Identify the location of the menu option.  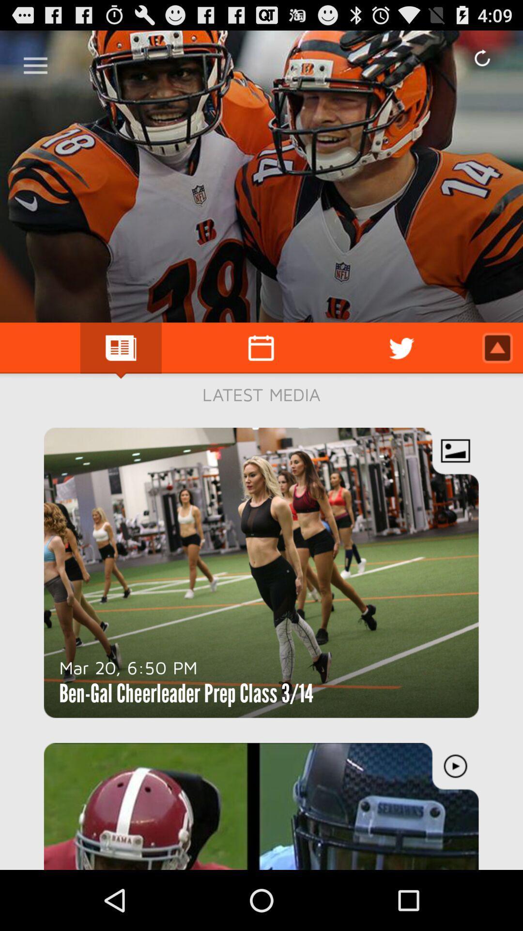
(35, 62).